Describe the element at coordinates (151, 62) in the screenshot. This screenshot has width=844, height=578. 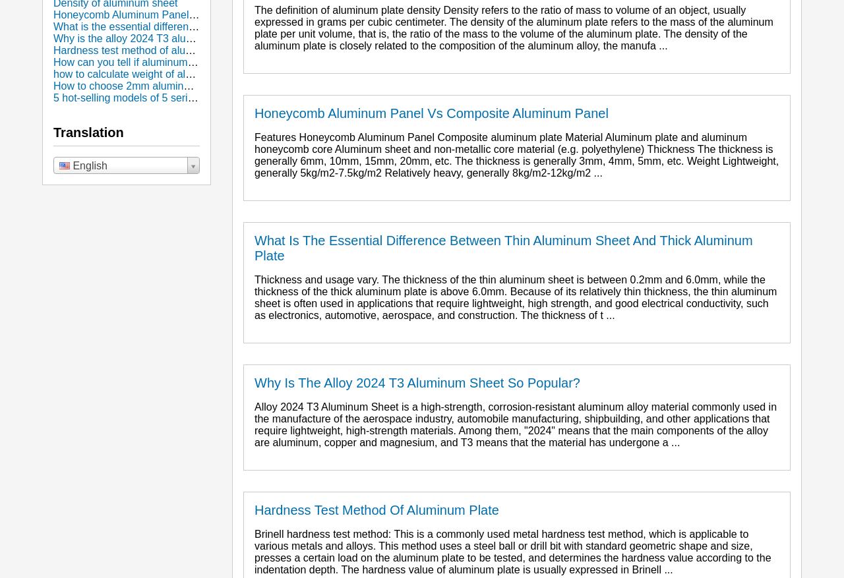
I see `'How can you tell if aluminum is anodized?'` at that location.